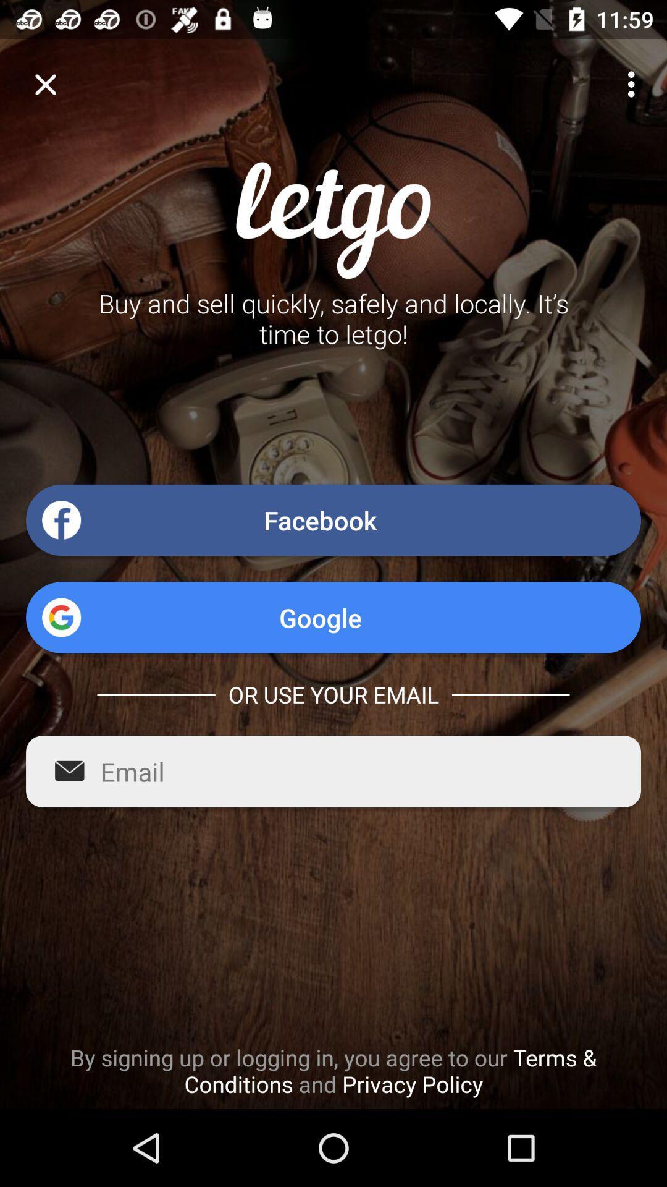 The image size is (667, 1187). I want to click on google, so click(333, 617).